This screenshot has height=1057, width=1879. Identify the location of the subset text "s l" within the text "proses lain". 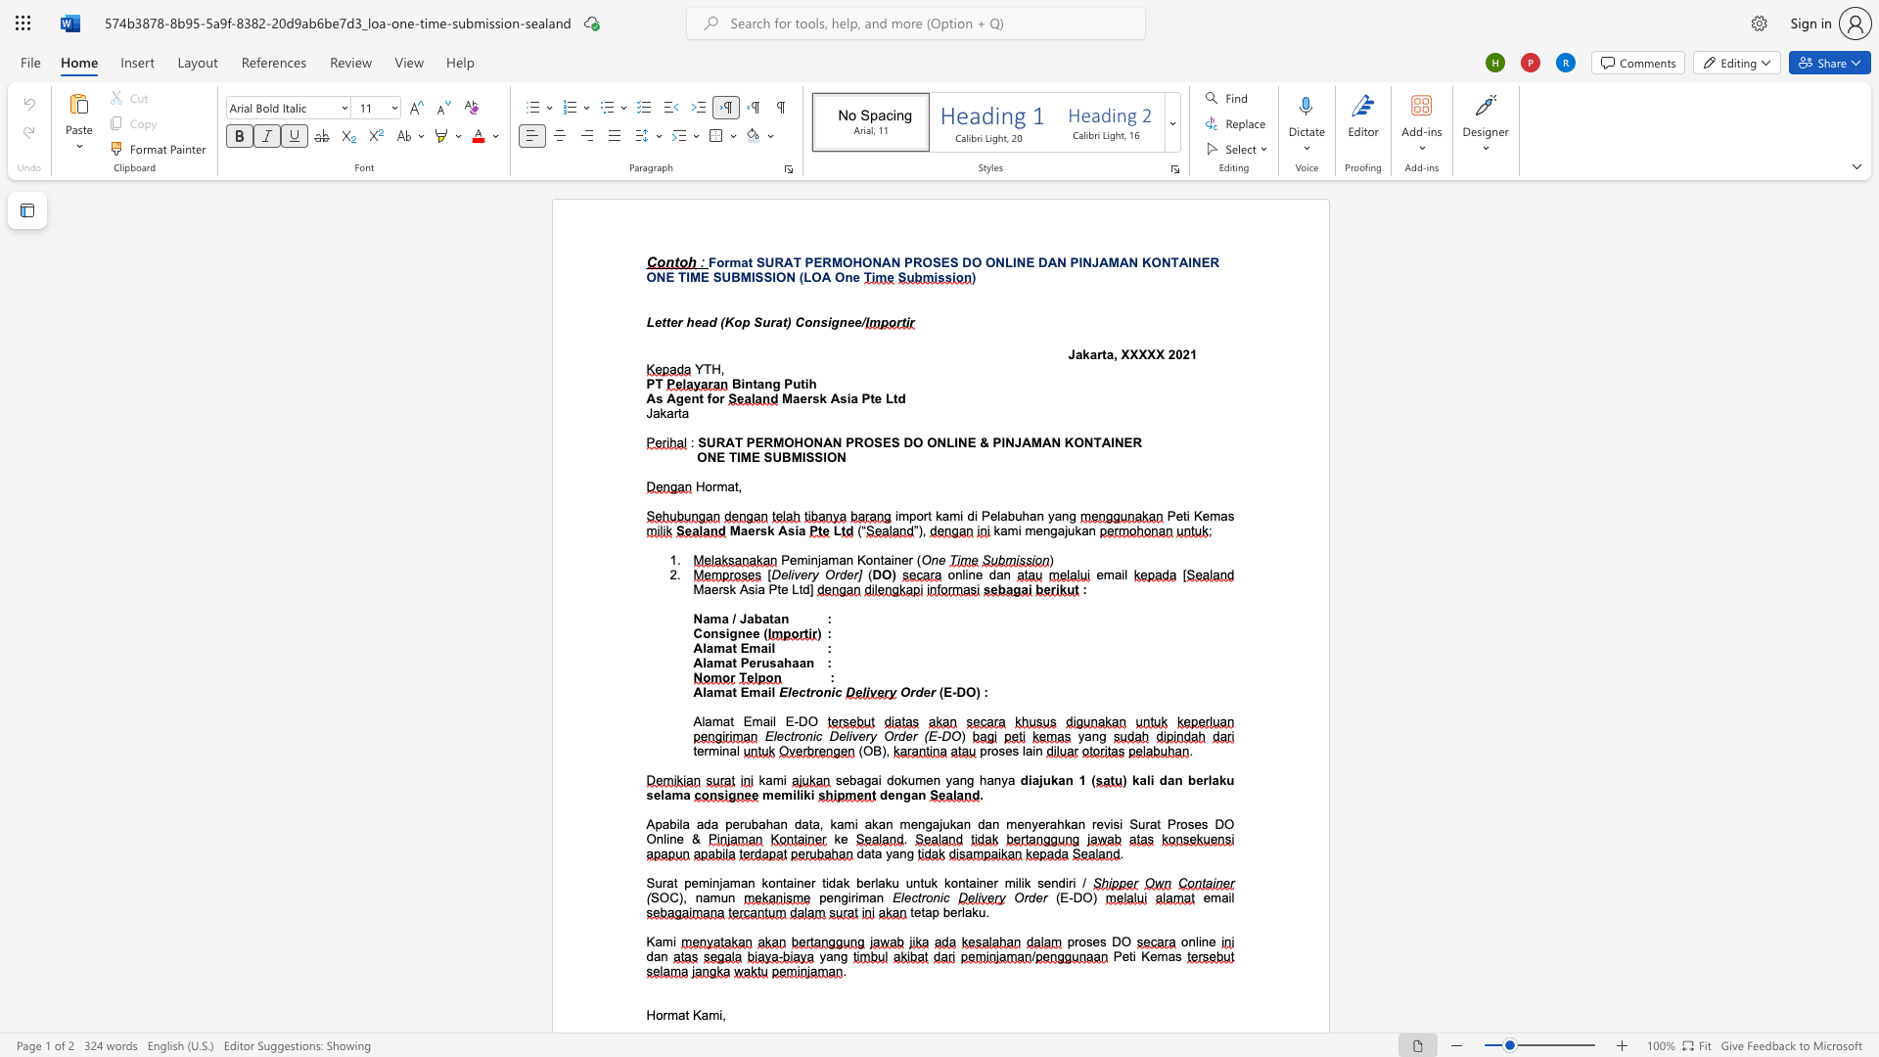
(1012, 750).